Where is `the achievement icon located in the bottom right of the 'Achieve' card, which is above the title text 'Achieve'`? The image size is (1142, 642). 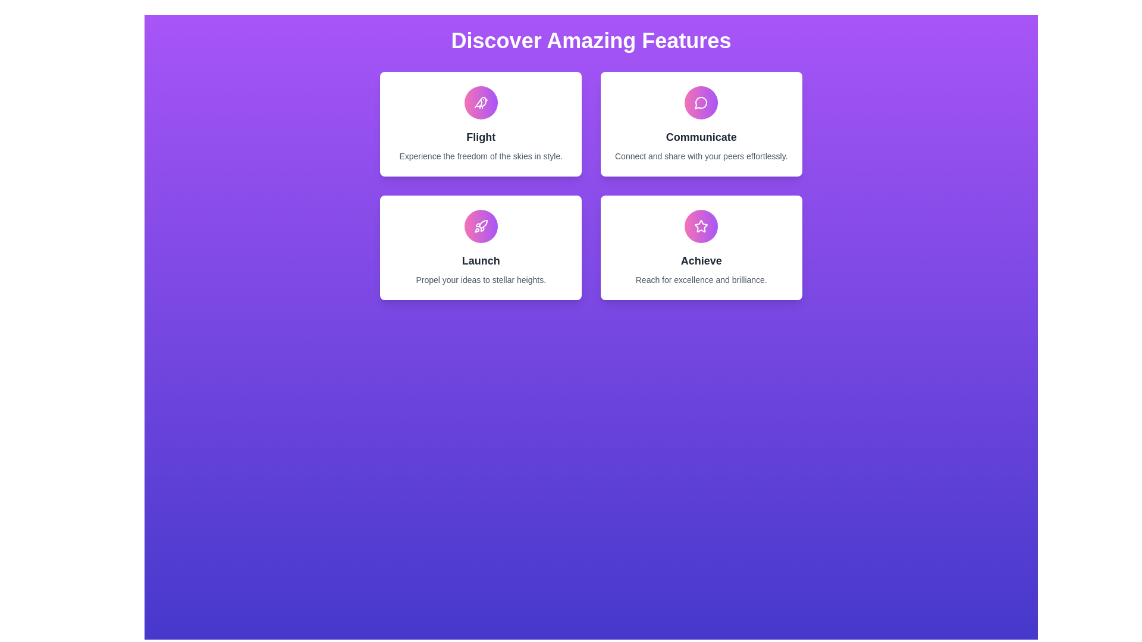 the achievement icon located in the bottom right of the 'Achieve' card, which is above the title text 'Achieve' is located at coordinates (701, 226).